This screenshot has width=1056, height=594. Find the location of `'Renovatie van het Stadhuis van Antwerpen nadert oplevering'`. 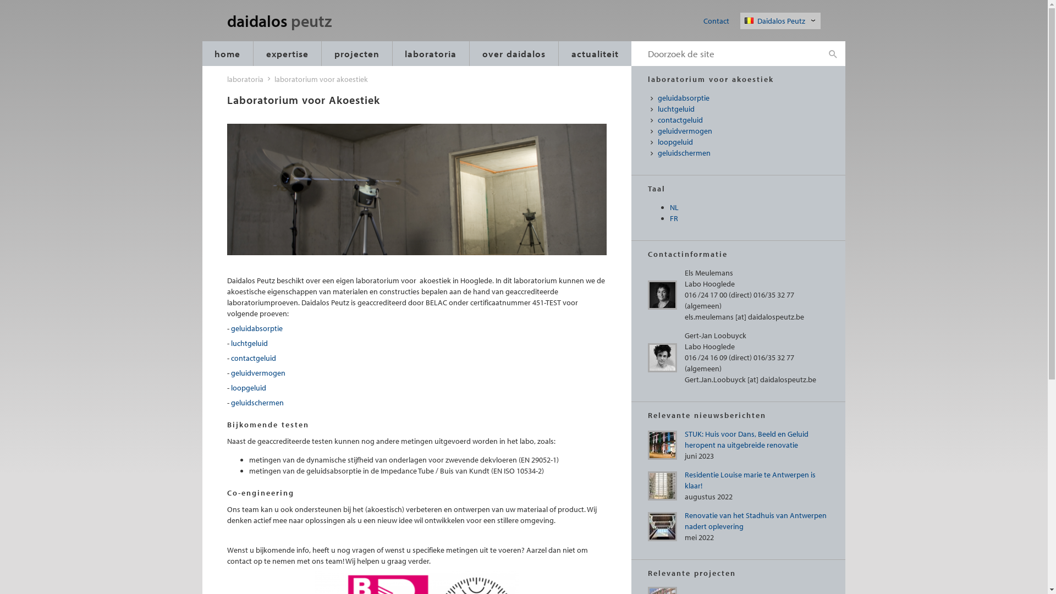

'Renovatie van het Stadhuis van Antwerpen nadert oplevering' is located at coordinates (754, 520).